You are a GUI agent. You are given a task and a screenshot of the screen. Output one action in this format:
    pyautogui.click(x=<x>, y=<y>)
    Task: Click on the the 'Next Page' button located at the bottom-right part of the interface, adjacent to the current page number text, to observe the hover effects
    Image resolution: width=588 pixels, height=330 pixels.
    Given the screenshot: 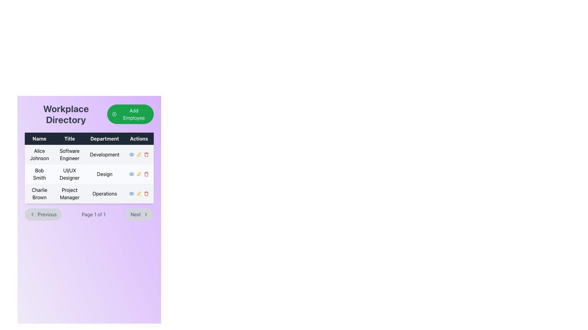 What is the action you would take?
    pyautogui.click(x=139, y=214)
    